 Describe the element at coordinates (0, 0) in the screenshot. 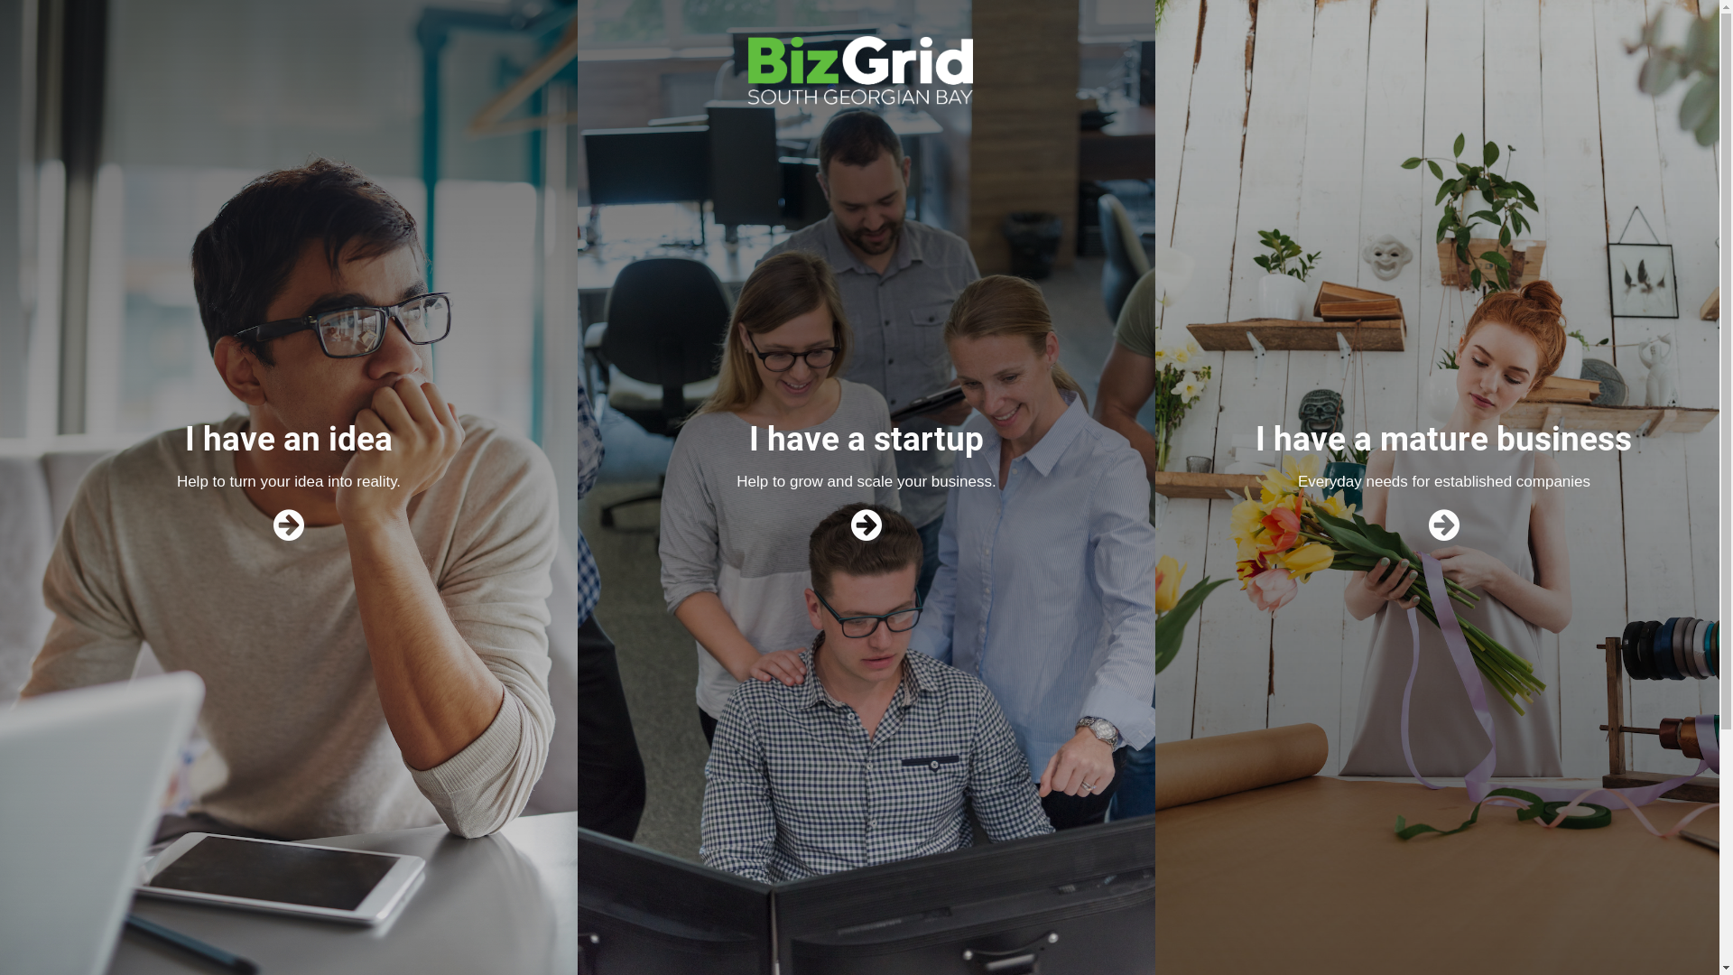

I see `'Skip to content'` at that location.